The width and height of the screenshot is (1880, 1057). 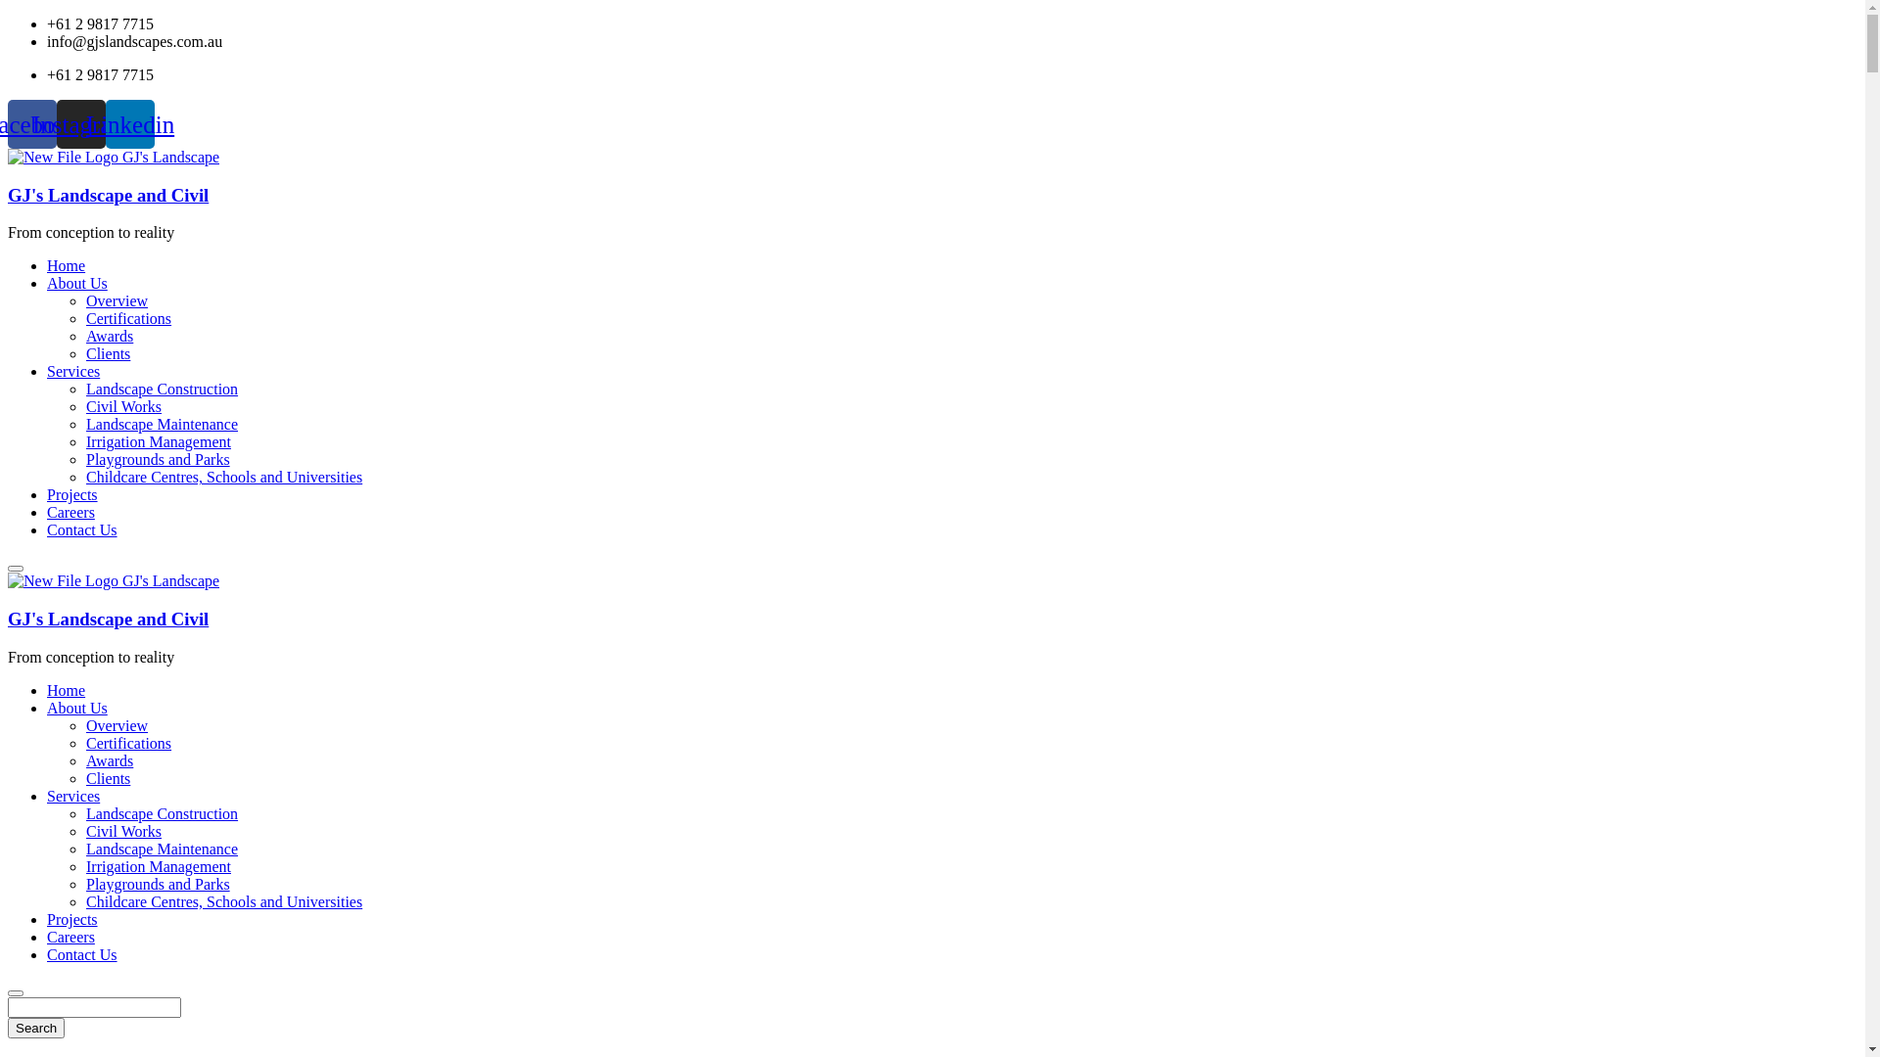 What do you see at coordinates (66, 689) in the screenshot?
I see `'Home'` at bounding box center [66, 689].